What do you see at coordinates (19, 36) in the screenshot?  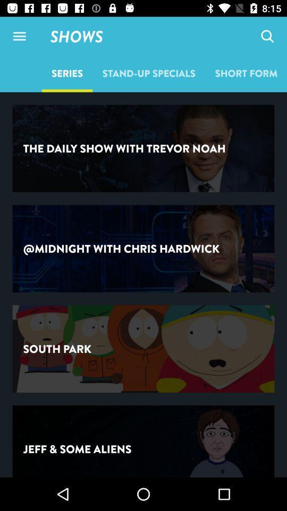 I see `more options` at bounding box center [19, 36].